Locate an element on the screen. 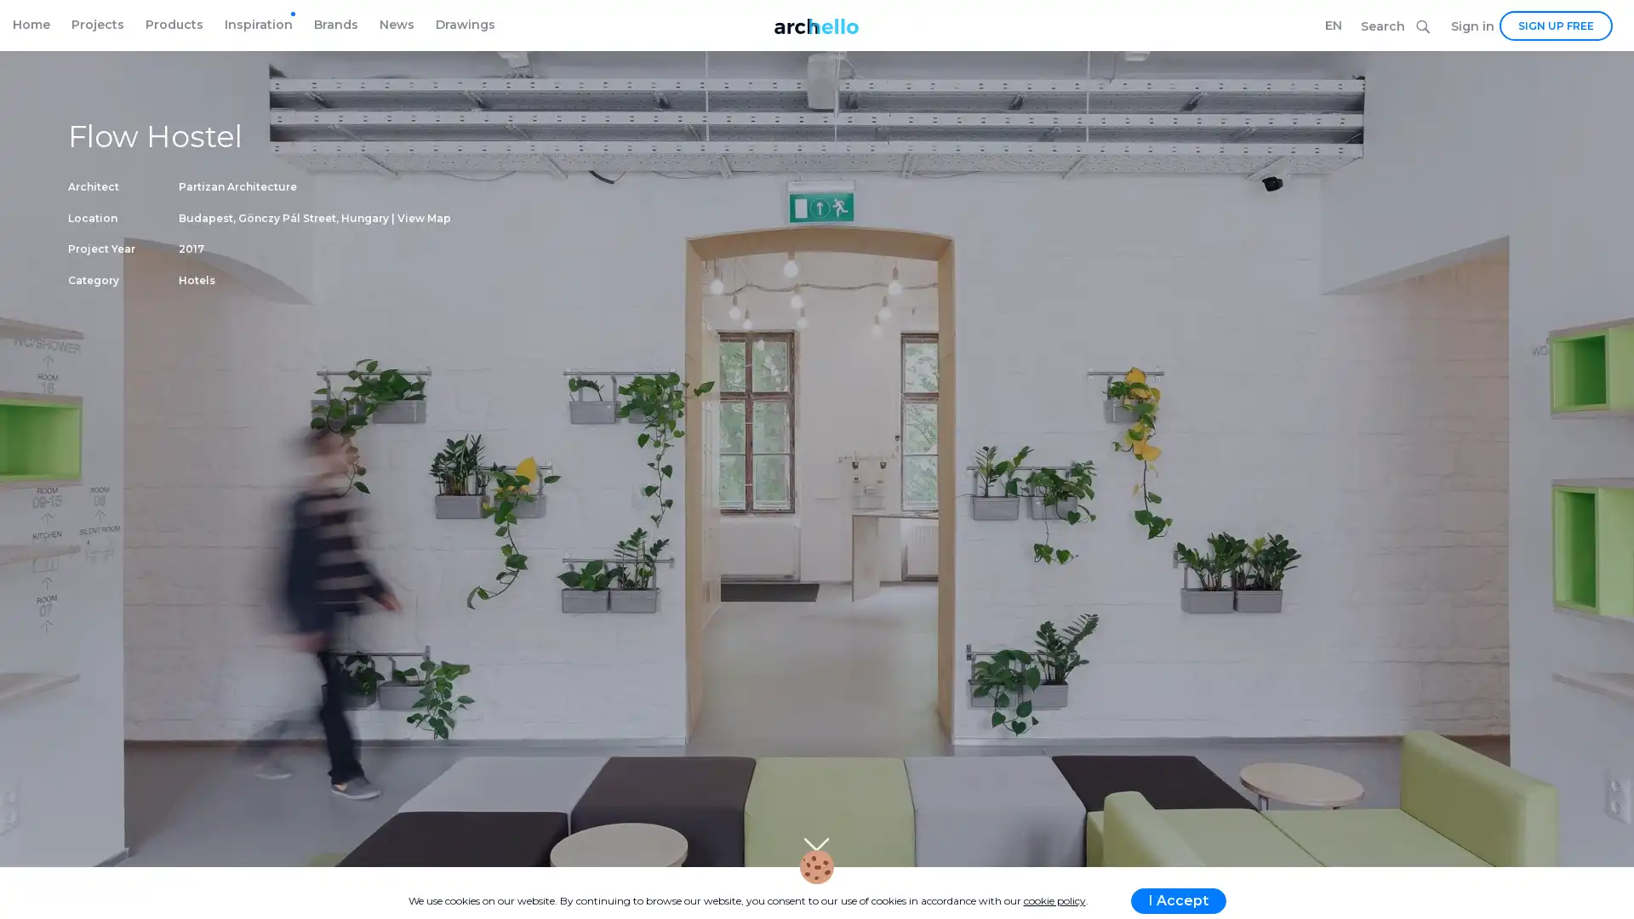  EN is located at coordinates (1332, 26).